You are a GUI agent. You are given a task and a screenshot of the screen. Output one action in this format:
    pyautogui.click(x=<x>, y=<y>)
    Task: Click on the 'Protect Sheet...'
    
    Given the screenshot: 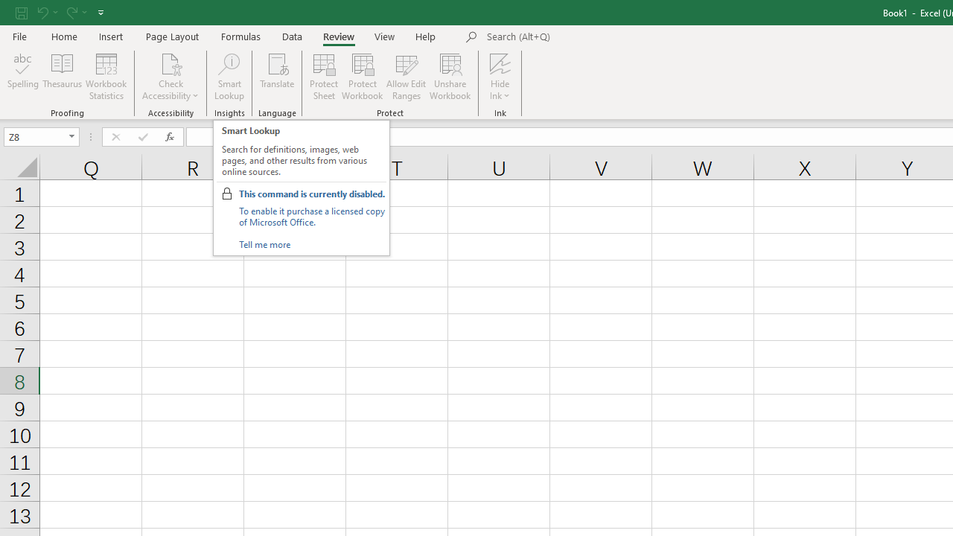 What is the action you would take?
    pyautogui.click(x=323, y=77)
    